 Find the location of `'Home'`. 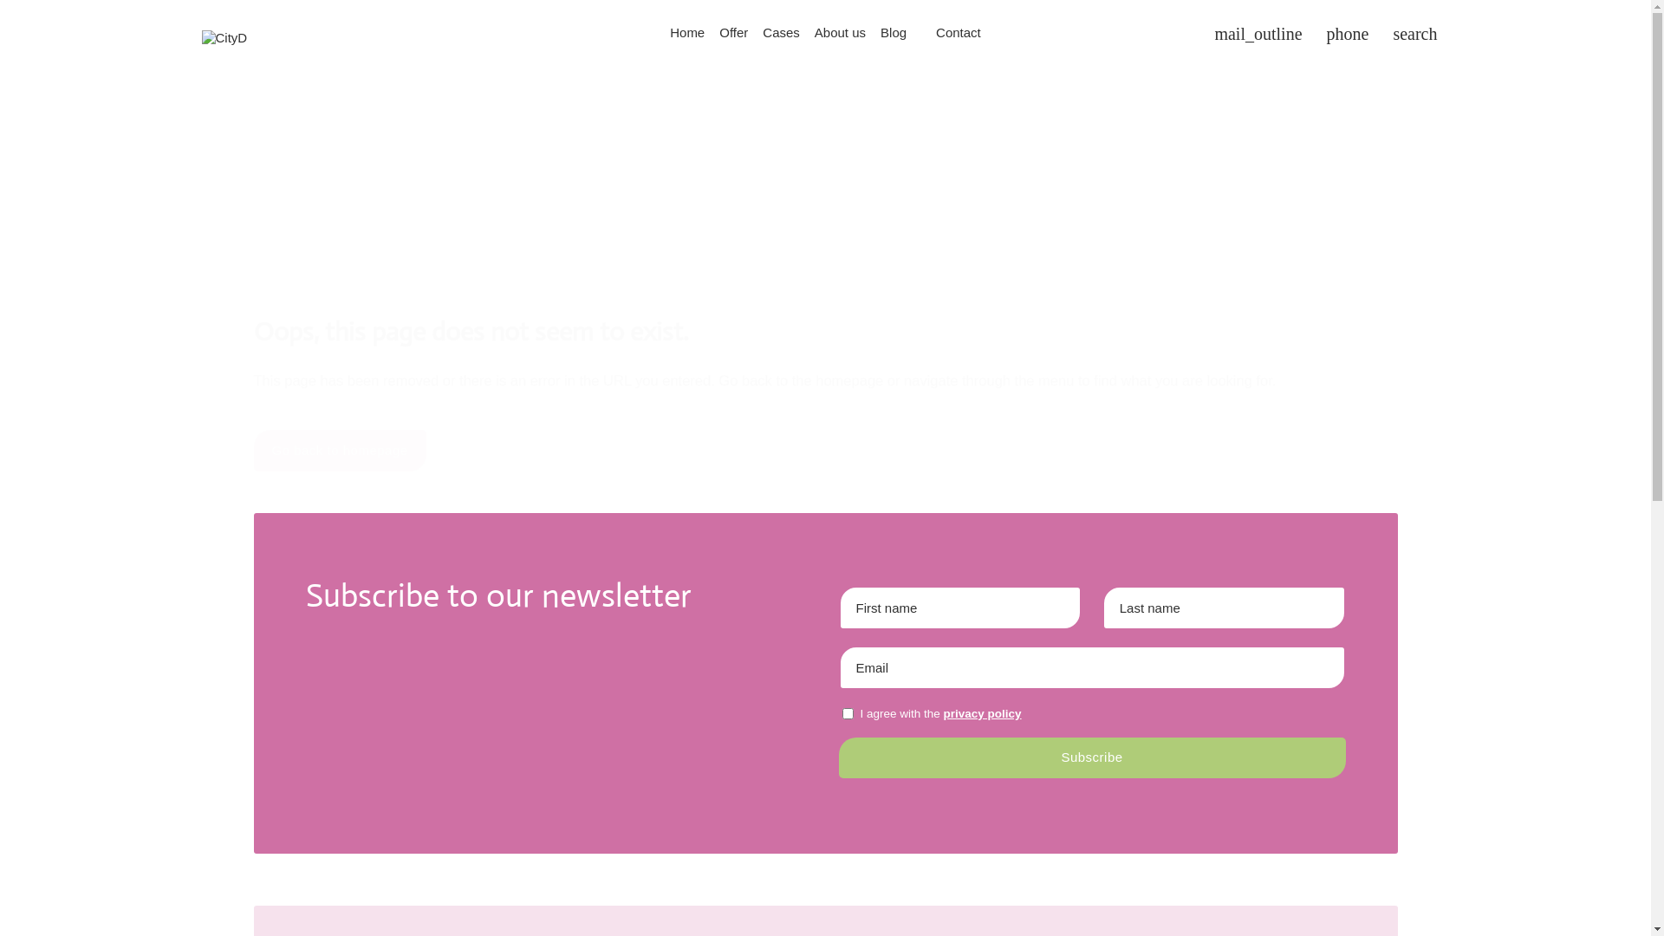

'Home' is located at coordinates (661, 32).